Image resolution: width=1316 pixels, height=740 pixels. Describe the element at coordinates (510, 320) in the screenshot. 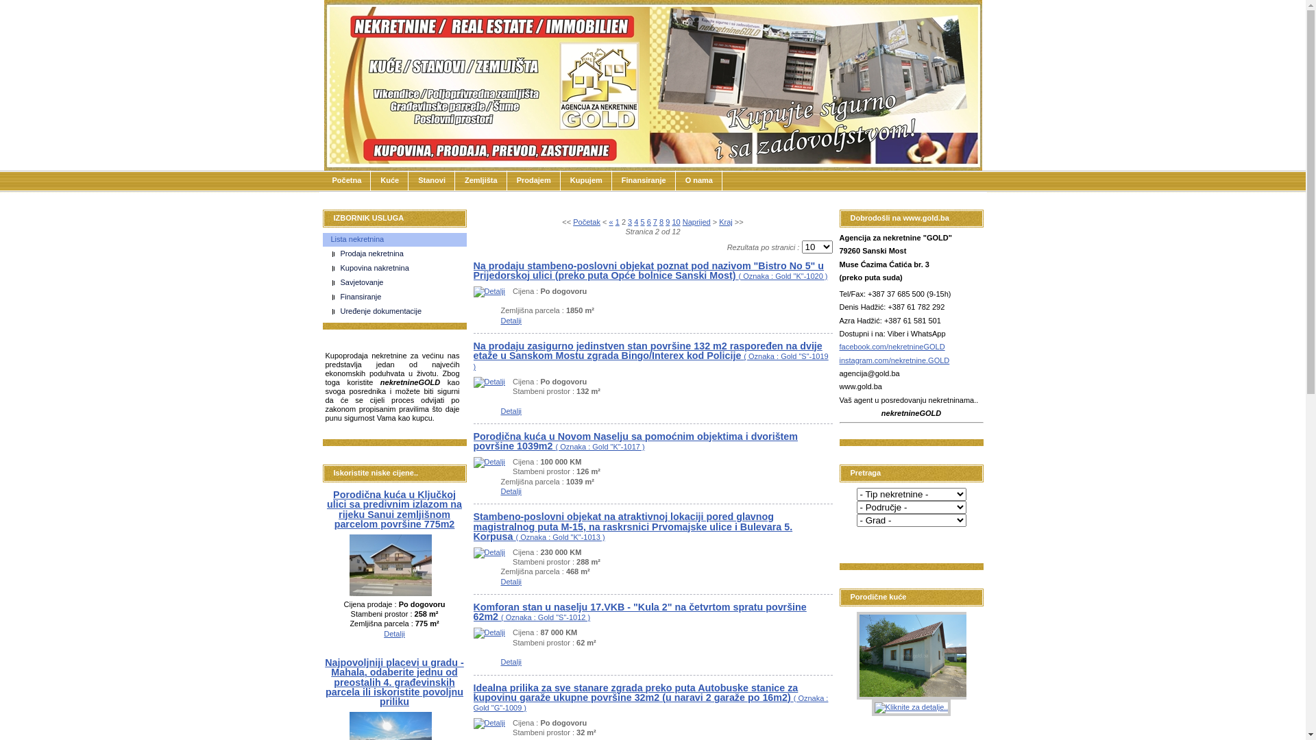

I see `'Detalji'` at that location.